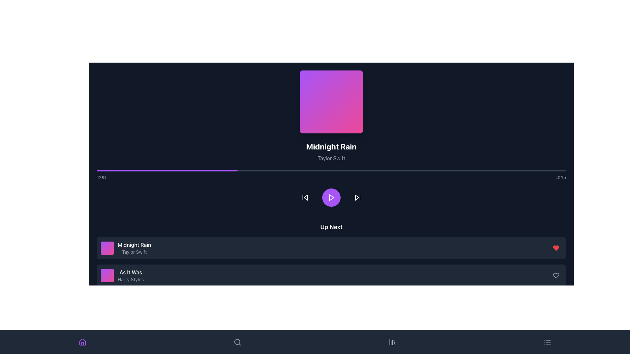 The width and height of the screenshot is (630, 354). I want to click on the navigation icon representing a library or collection, which is styled with vertical bars of varying heights and located at the bottom-right corner of the interface, so click(392, 342).